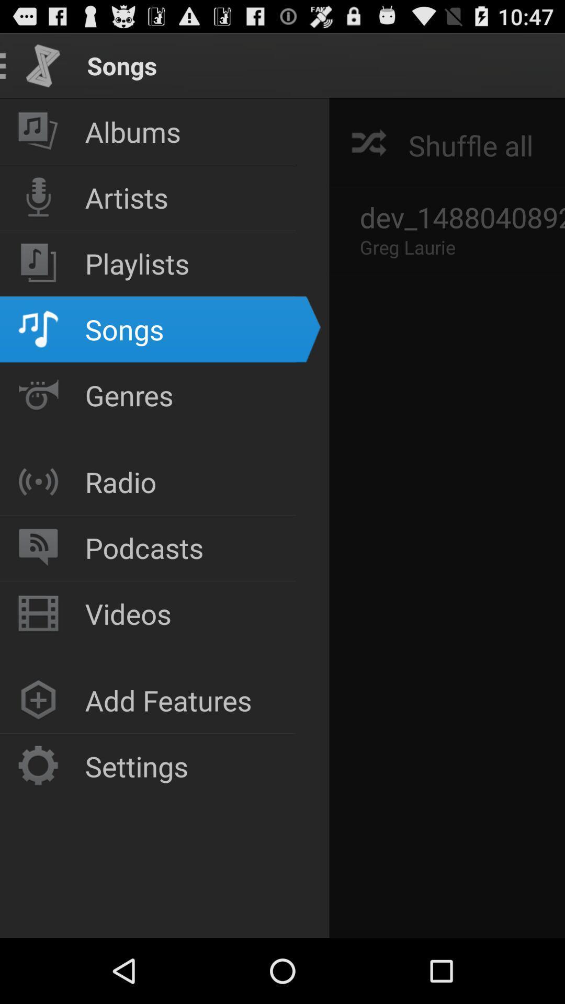 The image size is (565, 1004). I want to click on the  music icon, so click(38, 131).